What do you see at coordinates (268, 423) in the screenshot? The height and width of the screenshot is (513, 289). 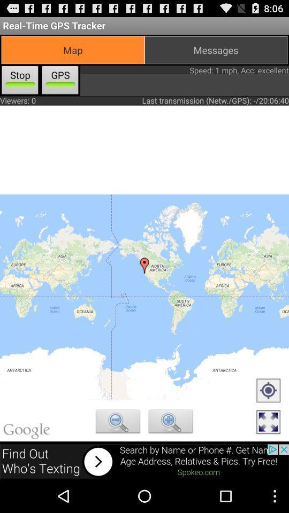 I see `expand symbol` at bounding box center [268, 423].